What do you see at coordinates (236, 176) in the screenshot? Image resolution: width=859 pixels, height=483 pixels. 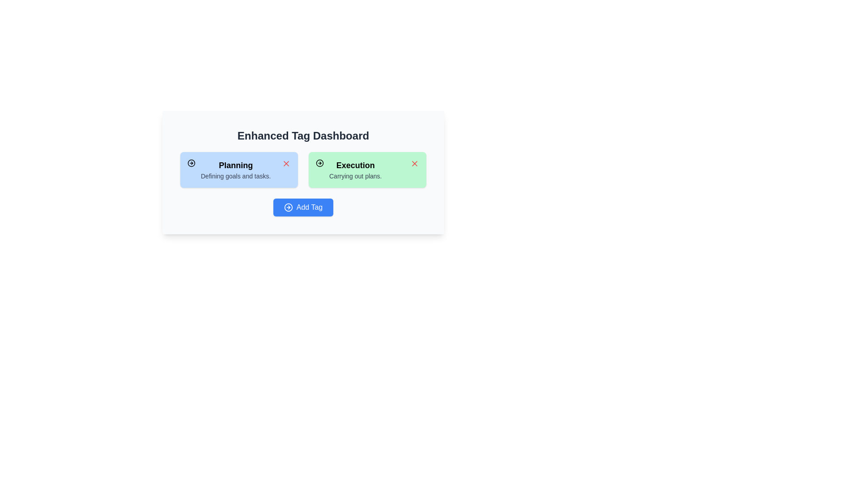 I see `static text label that displays 'Defining goals and tasks.' which is styled with a light gray font on a blue background, located below the title 'Planning'` at bounding box center [236, 176].